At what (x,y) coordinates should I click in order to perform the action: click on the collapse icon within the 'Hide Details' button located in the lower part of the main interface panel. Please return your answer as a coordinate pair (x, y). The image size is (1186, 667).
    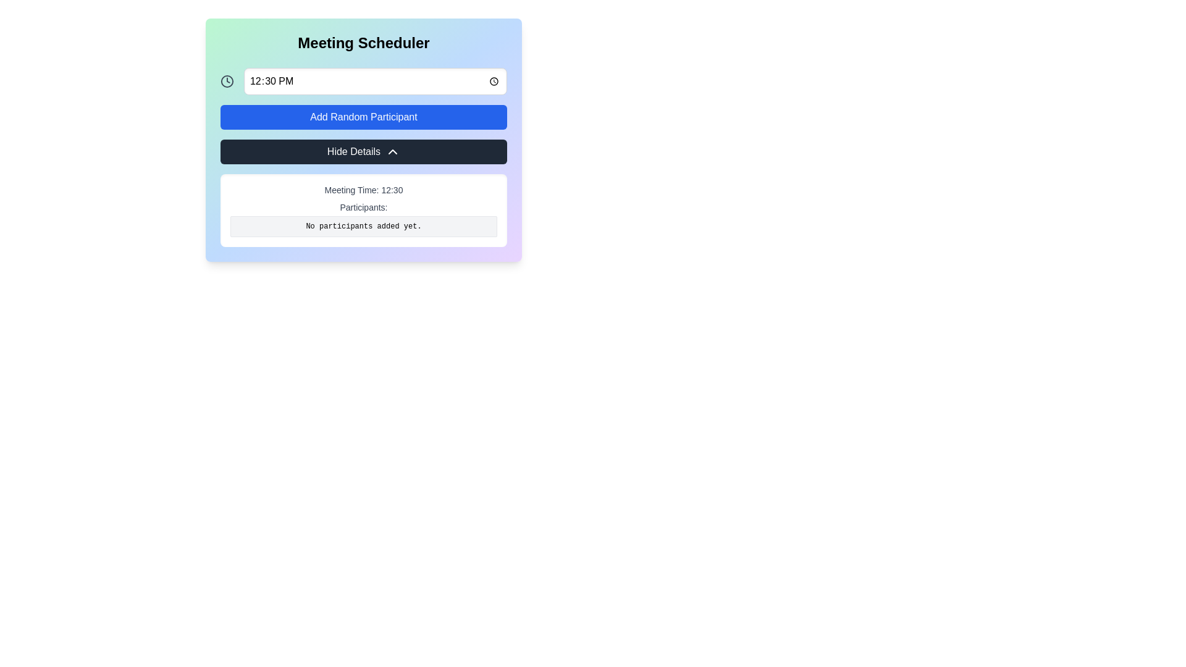
    Looking at the image, I should click on (392, 151).